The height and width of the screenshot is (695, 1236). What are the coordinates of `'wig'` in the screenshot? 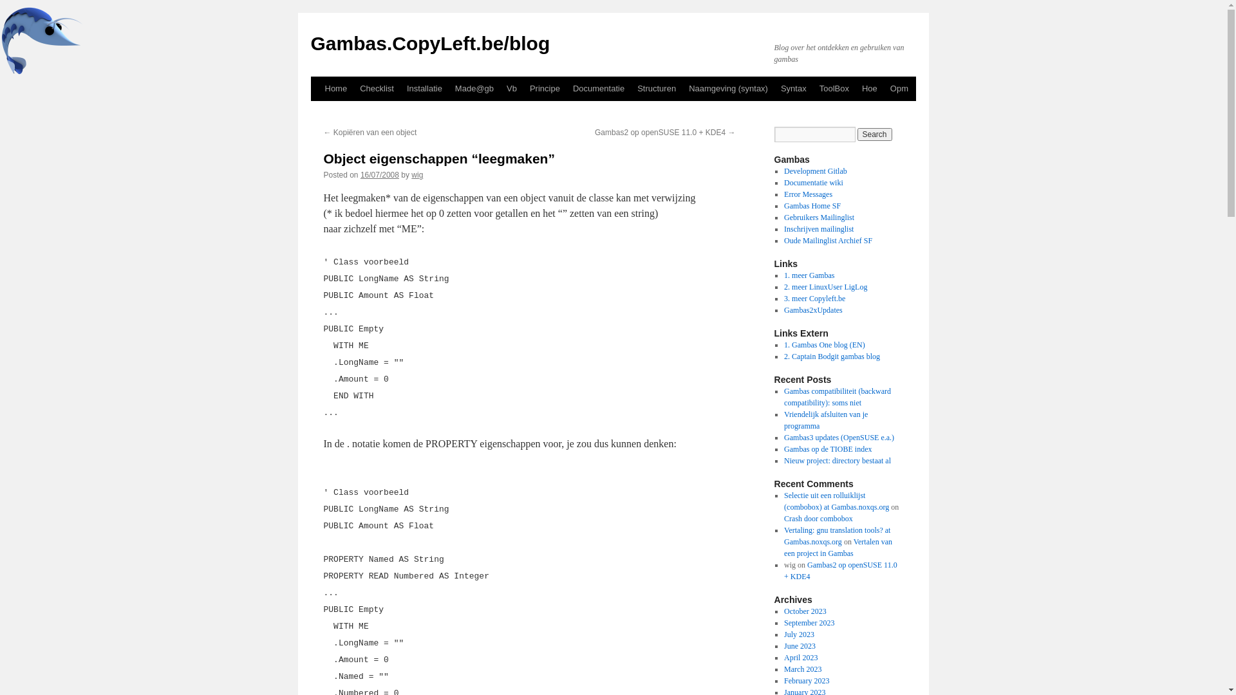 It's located at (417, 175).